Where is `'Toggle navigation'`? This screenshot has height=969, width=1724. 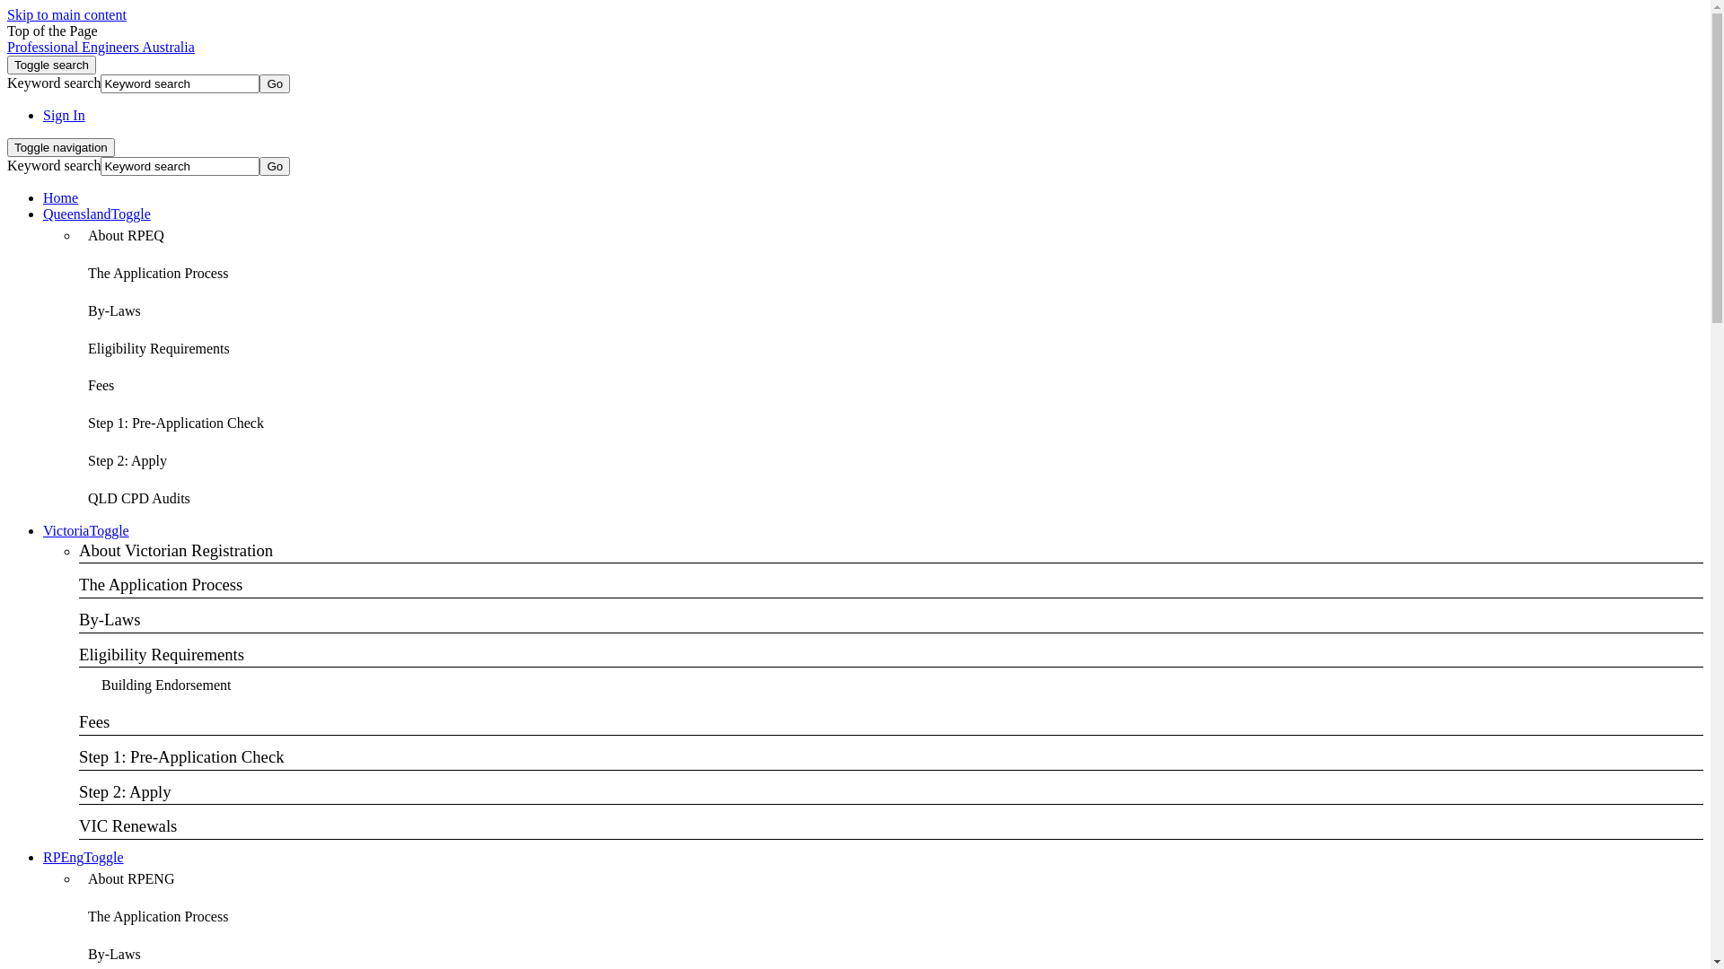 'Toggle navigation' is located at coordinates (60, 146).